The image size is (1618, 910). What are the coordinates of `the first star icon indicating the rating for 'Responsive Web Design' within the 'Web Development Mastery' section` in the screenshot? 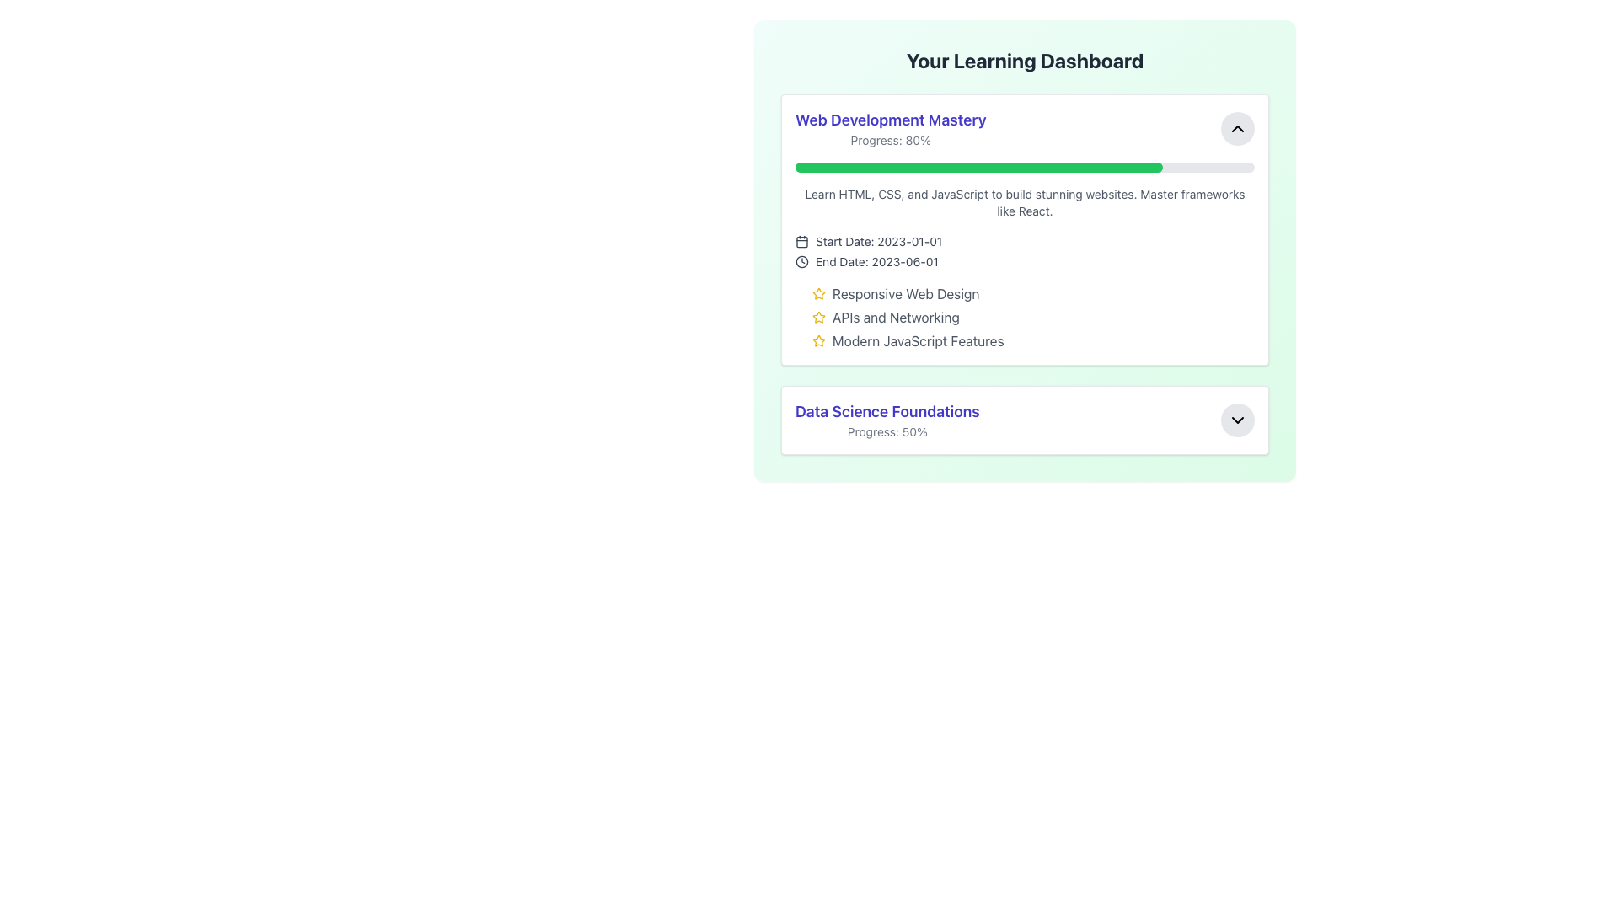 It's located at (818, 292).